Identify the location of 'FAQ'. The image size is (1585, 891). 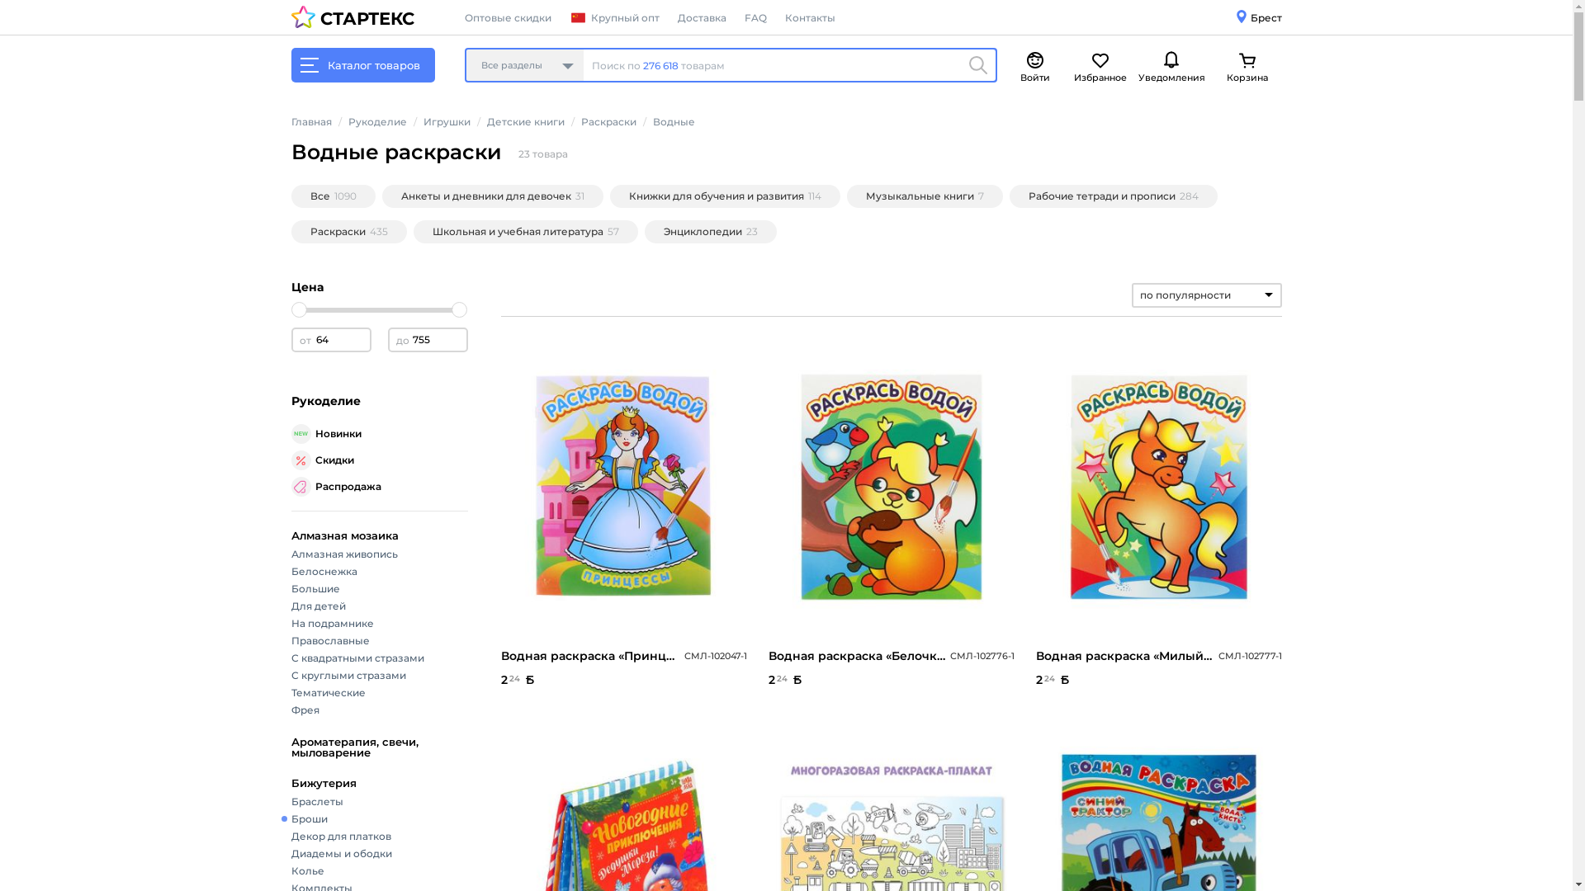
(755, 17).